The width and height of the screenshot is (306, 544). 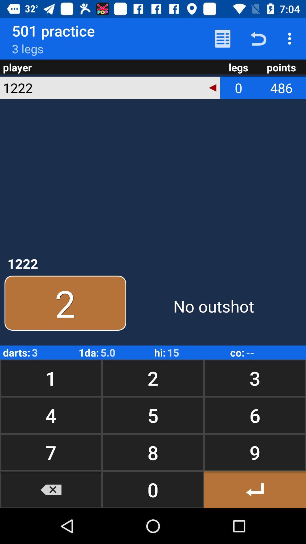 I want to click on item below 4 button, so click(x=51, y=452).